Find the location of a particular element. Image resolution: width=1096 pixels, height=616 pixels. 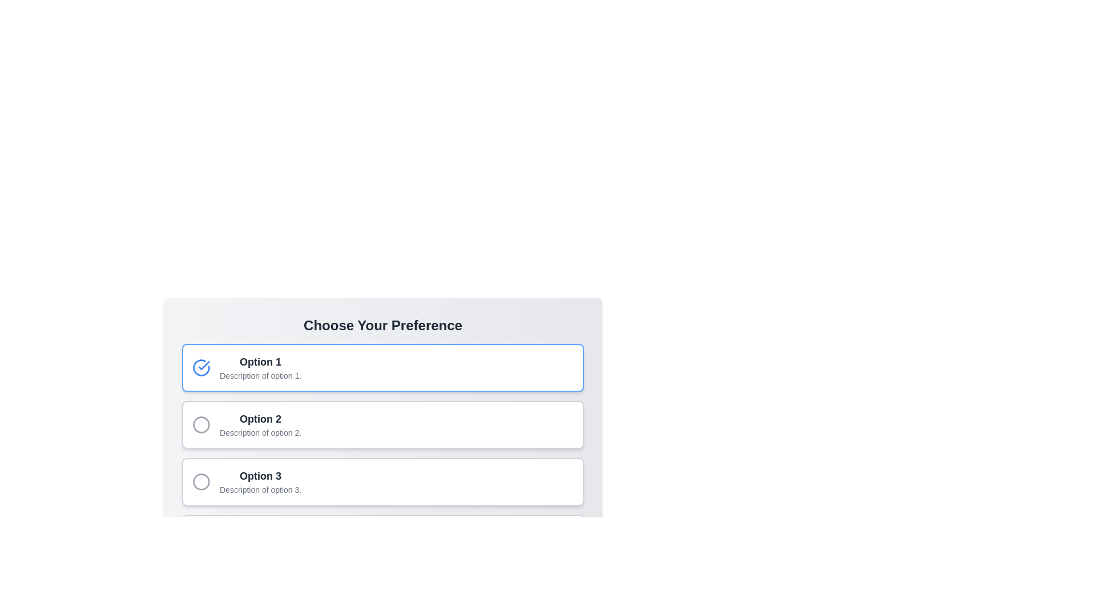

the radio button for 'Option 2' is located at coordinates (202, 424).